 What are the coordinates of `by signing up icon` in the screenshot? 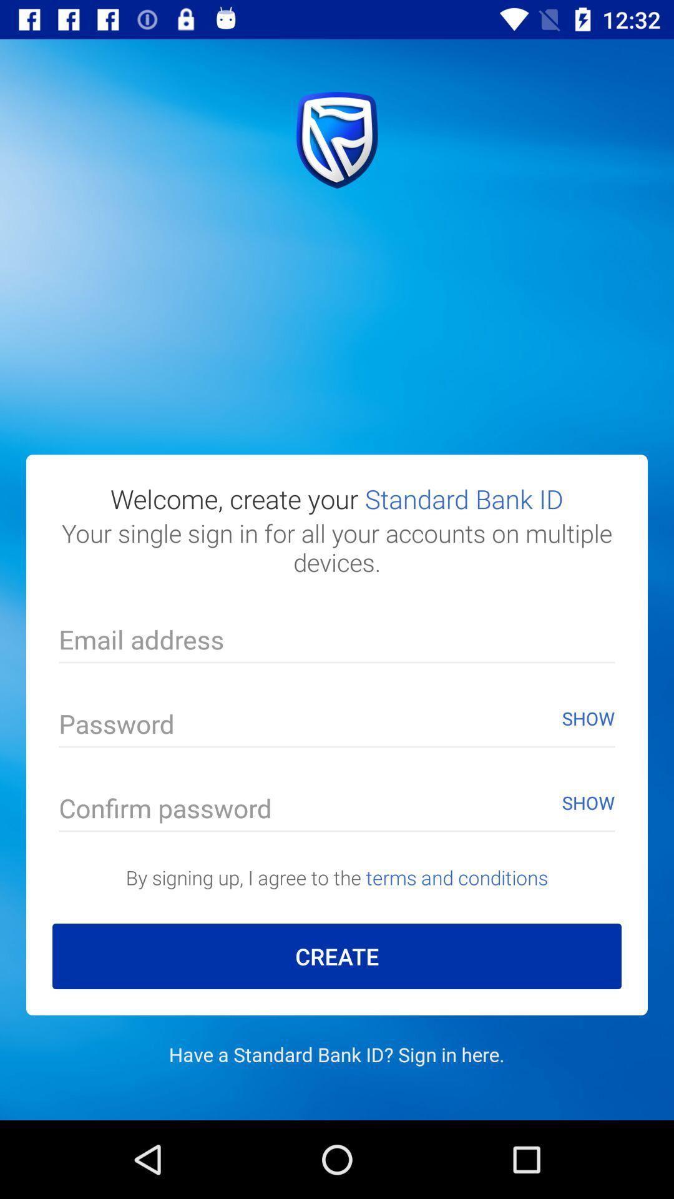 It's located at (337, 877).